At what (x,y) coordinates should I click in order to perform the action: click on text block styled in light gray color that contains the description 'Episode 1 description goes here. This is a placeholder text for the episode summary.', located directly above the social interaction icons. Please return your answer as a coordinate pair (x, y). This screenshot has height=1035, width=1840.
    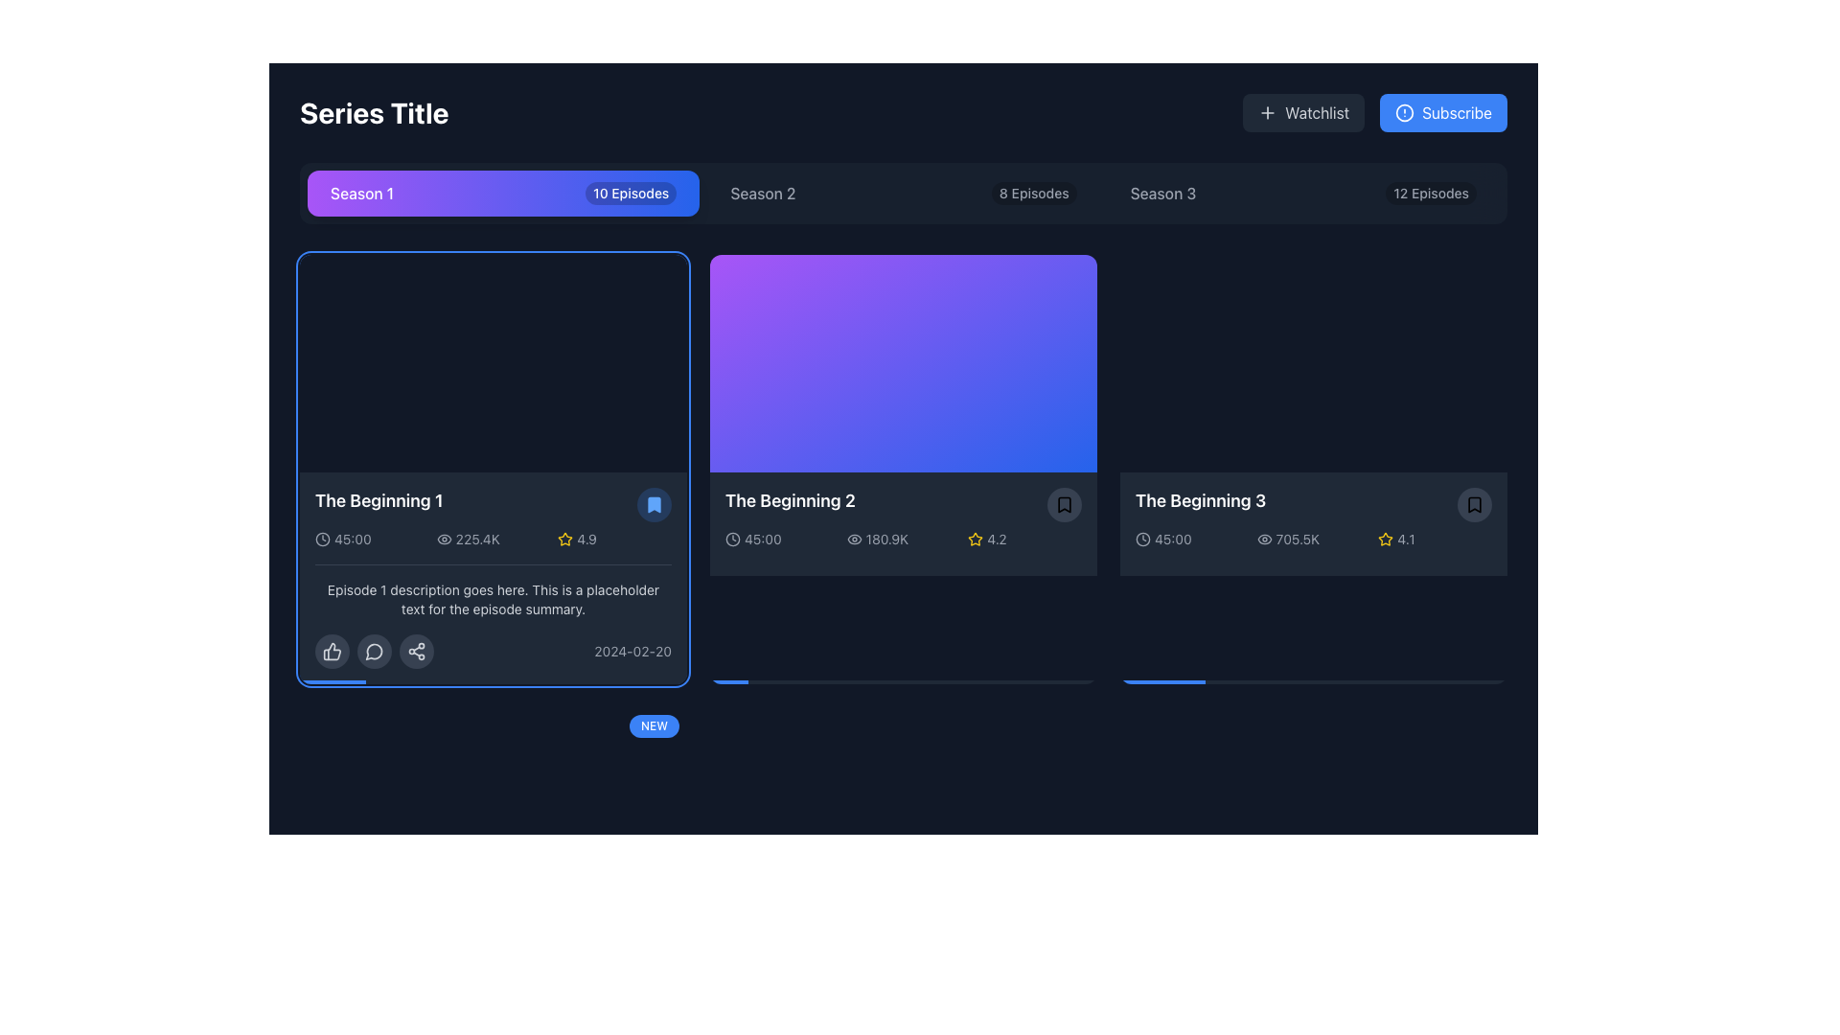
    Looking at the image, I should click on (493, 598).